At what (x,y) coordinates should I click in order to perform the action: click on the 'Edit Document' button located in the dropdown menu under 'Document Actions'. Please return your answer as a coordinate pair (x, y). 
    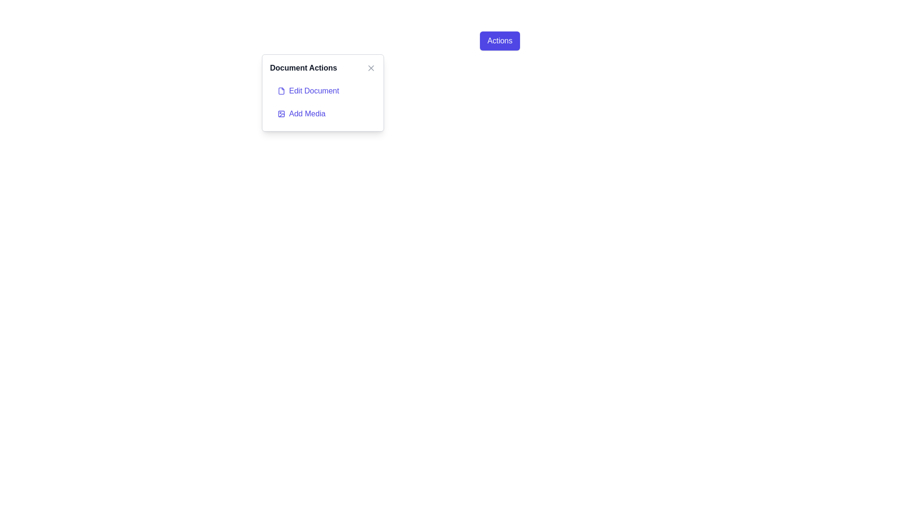
    Looking at the image, I should click on (323, 91).